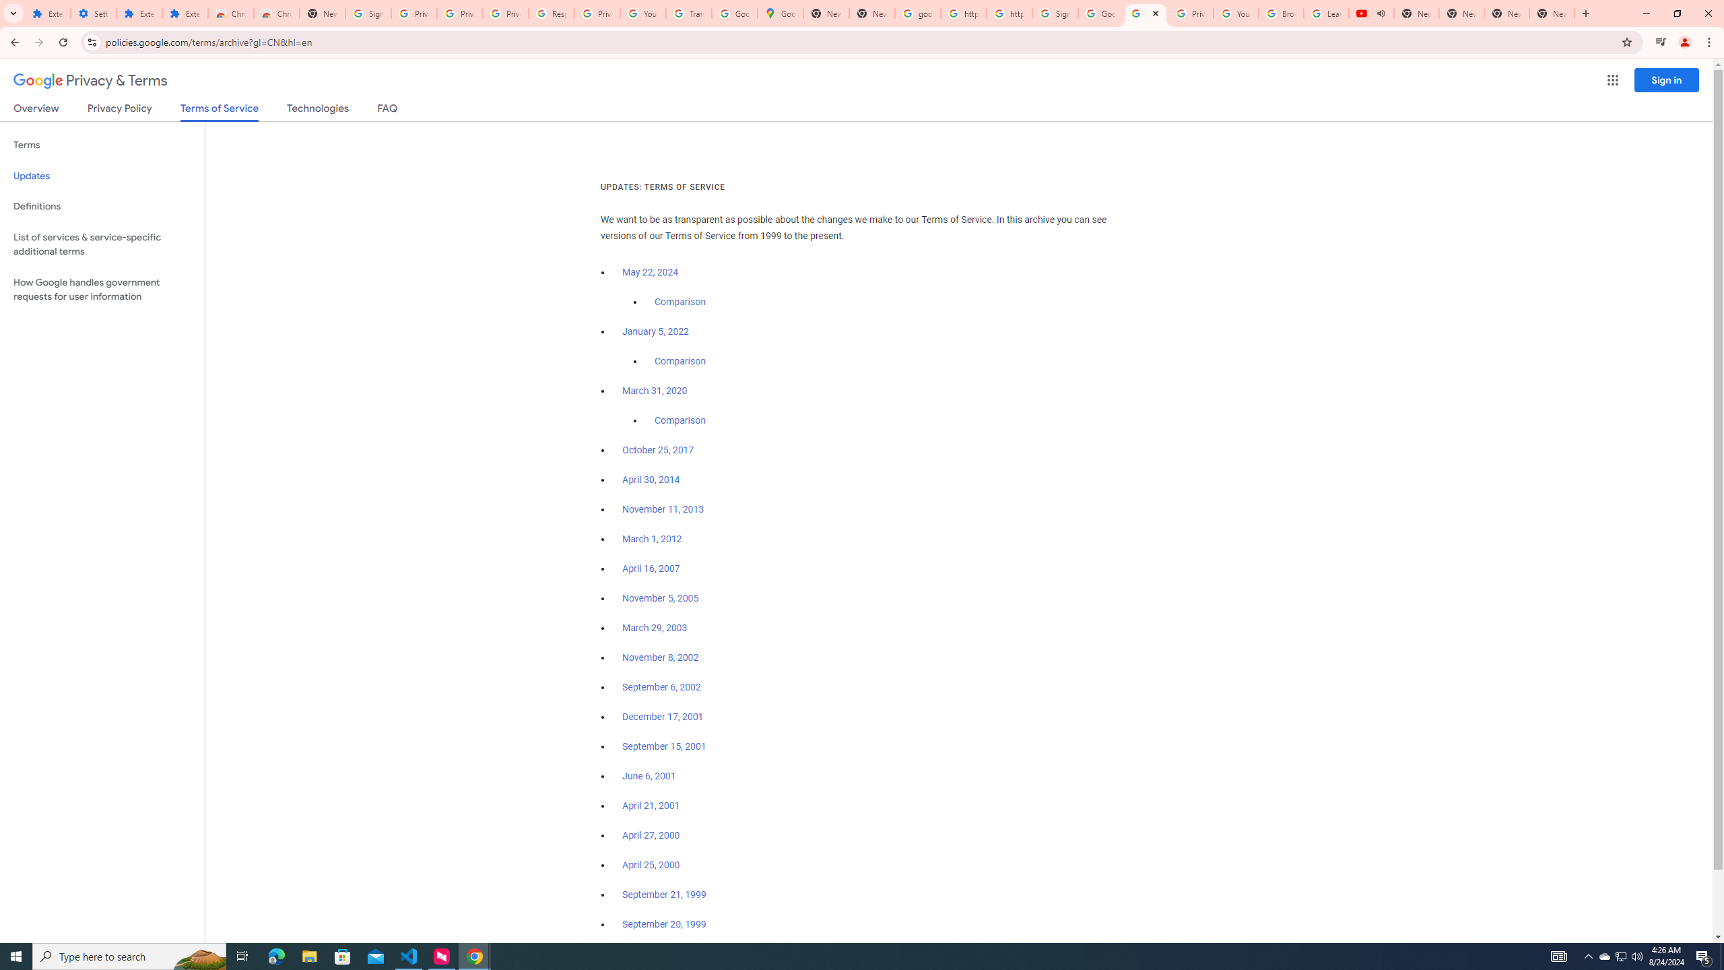 The image size is (1724, 970). What do you see at coordinates (654, 628) in the screenshot?
I see `'March 29, 2003'` at bounding box center [654, 628].